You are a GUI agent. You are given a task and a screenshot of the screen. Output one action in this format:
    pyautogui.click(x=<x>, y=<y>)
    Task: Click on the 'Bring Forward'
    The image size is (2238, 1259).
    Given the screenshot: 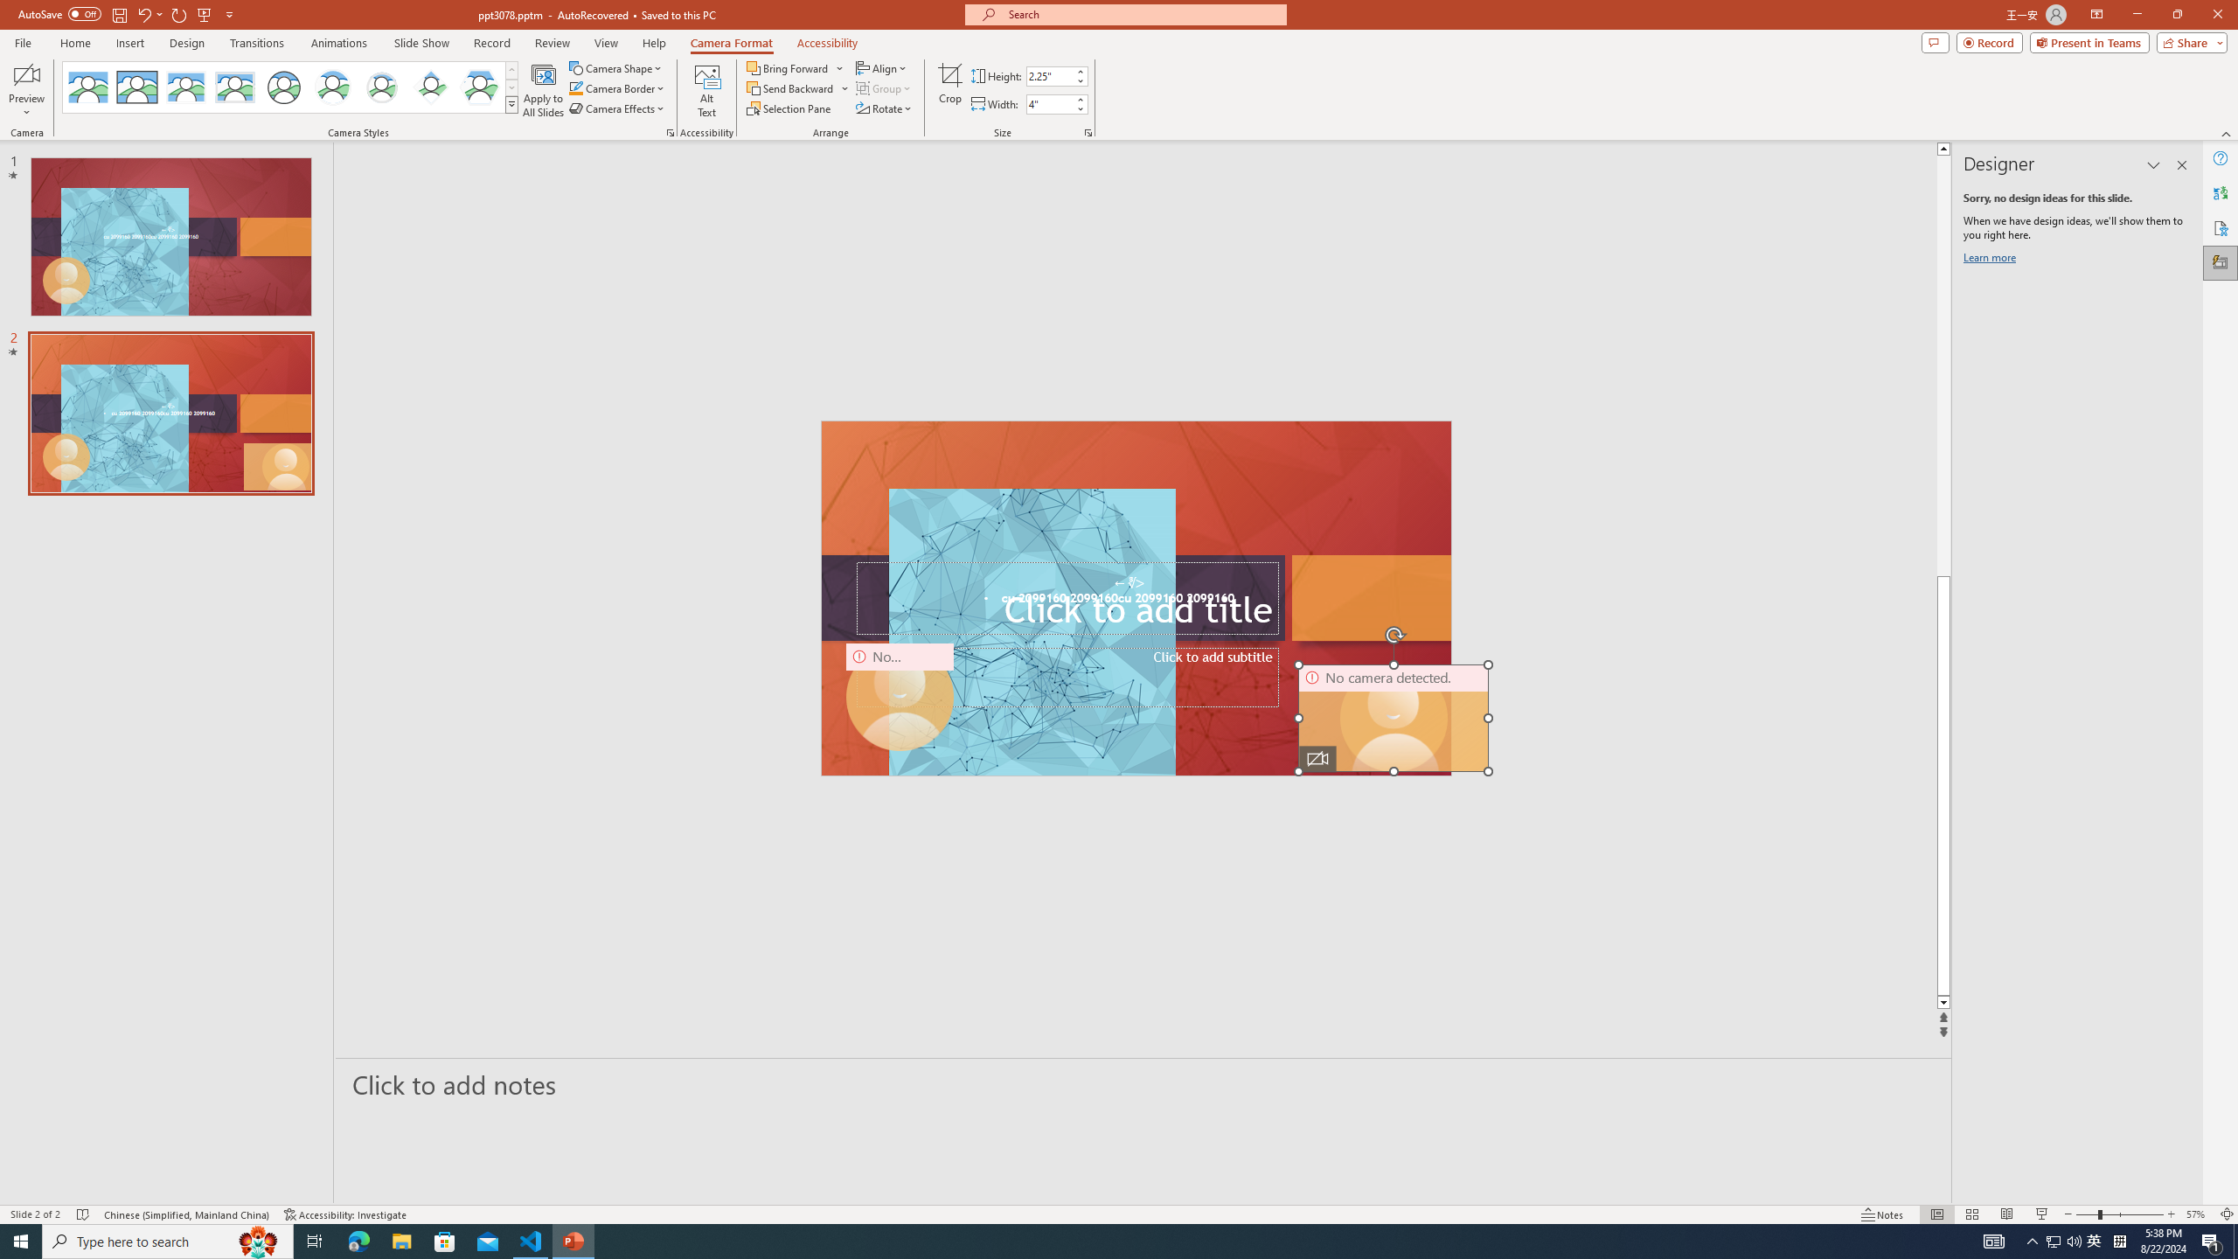 What is the action you would take?
    pyautogui.click(x=795, y=67)
    